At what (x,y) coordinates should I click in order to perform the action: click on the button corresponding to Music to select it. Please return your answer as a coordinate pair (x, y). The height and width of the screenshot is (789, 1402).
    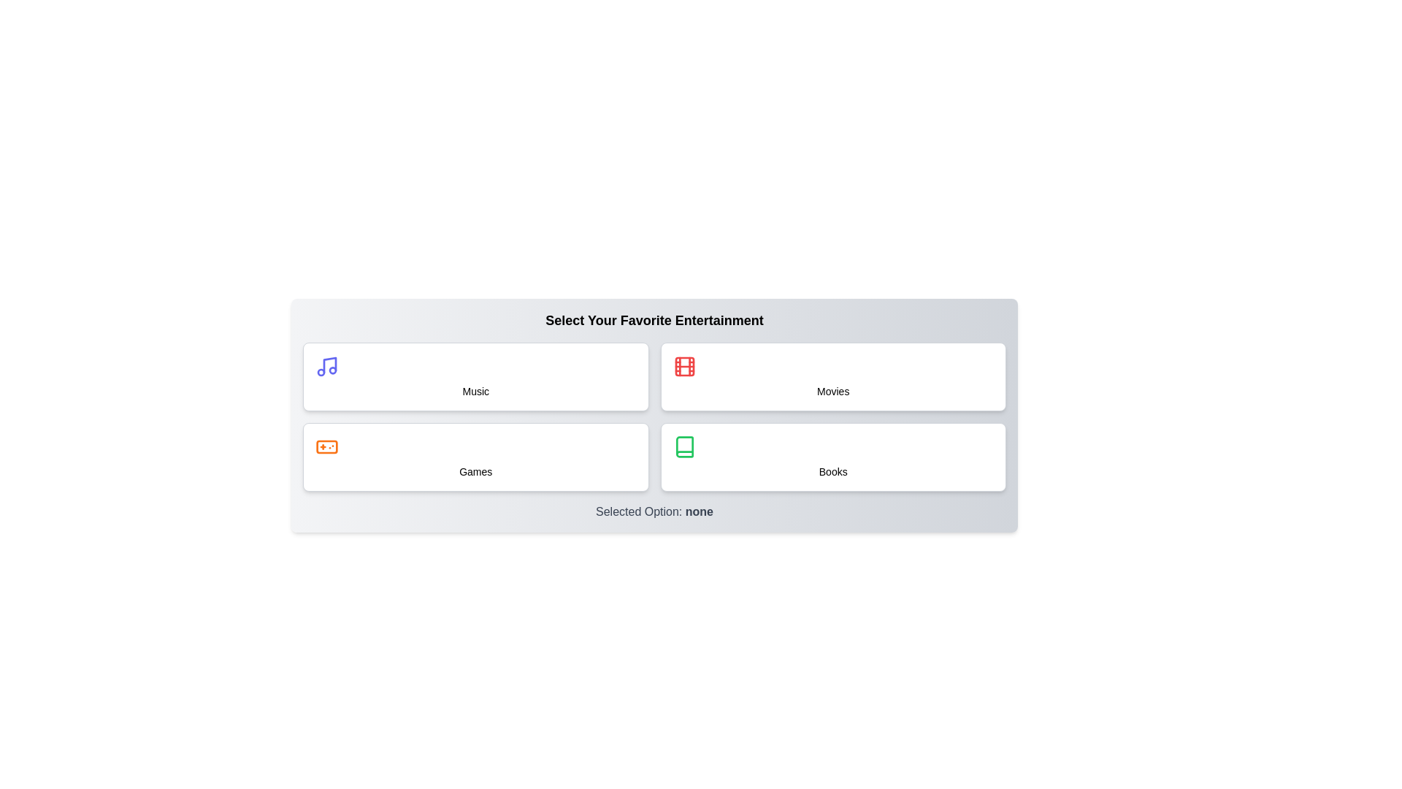
    Looking at the image, I should click on (475, 376).